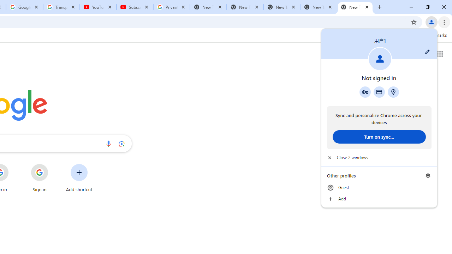  Describe the element at coordinates (365, 92) in the screenshot. I see `'Google Password Manager'` at that location.